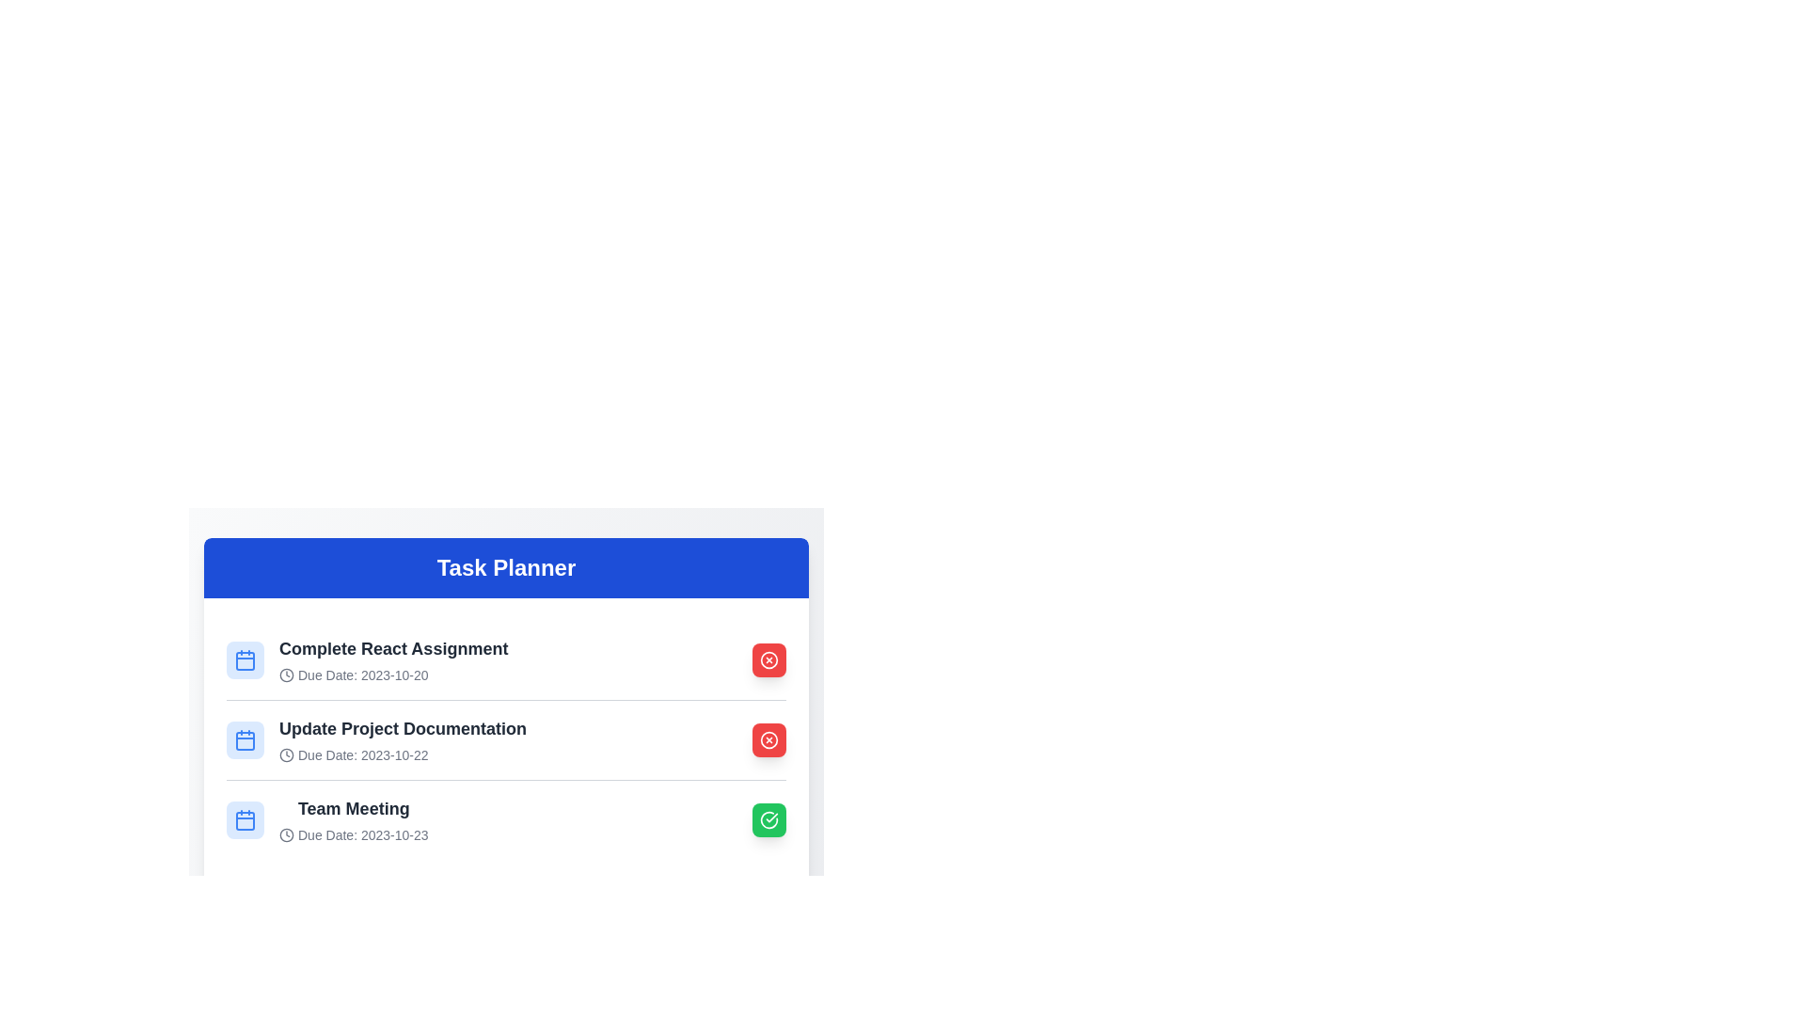  I want to click on informational text indicating the due date for the task 'Complete React Assignment', which is located below the task name in the task card under 'Task Planner', so click(392, 674).